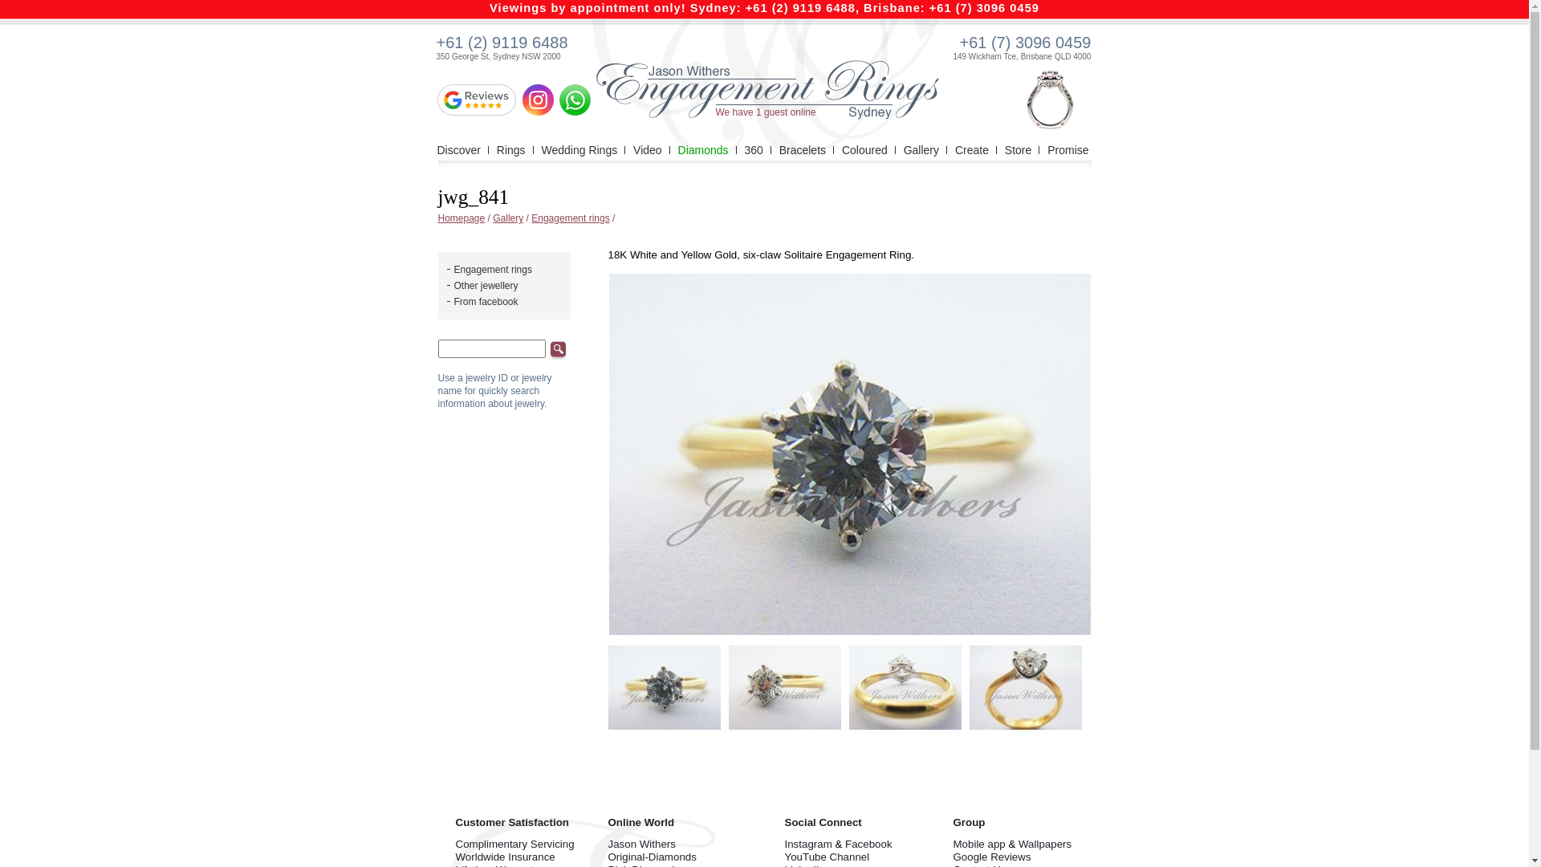  What do you see at coordinates (485, 301) in the screenshot?
I see `'From facebook'` at bounding box center [485, 301].